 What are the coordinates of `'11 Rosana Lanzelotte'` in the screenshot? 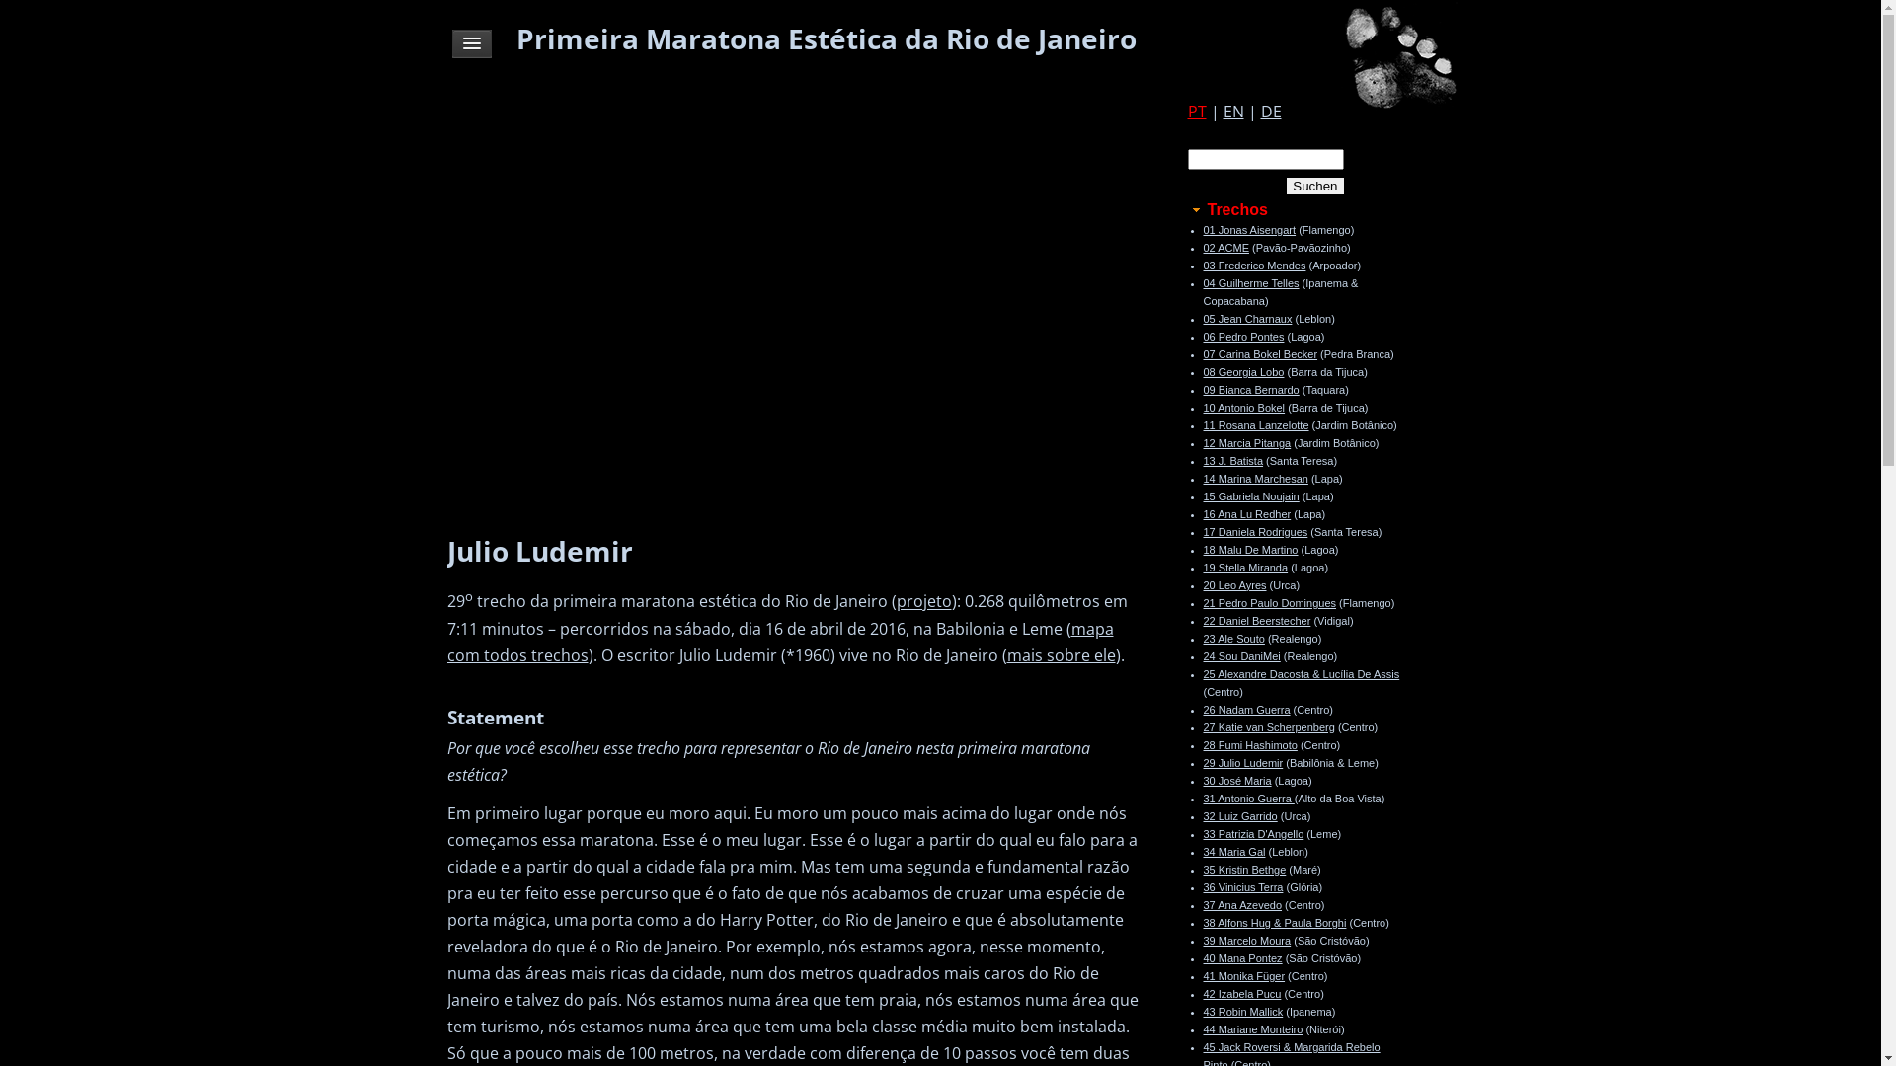 It's located at (1254, 424).